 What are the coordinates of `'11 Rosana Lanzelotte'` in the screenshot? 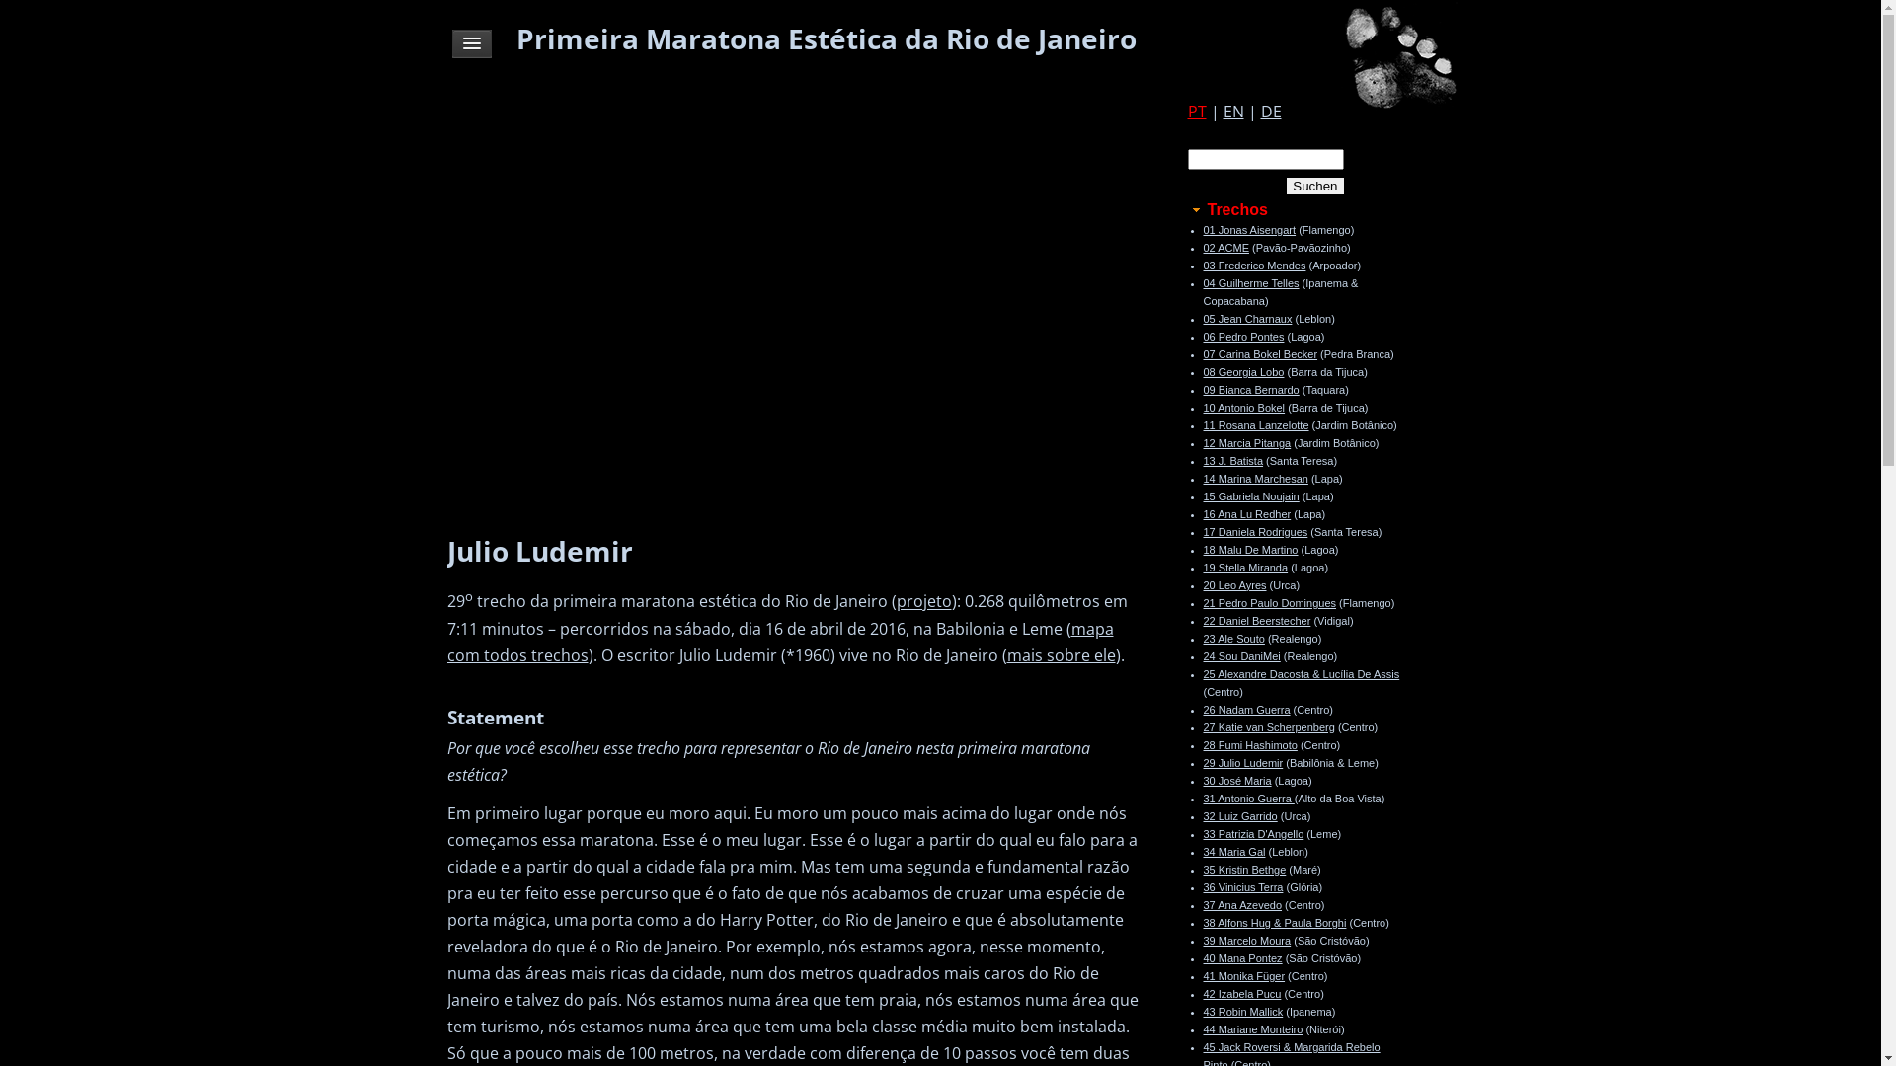 It's located at (1254, 424).